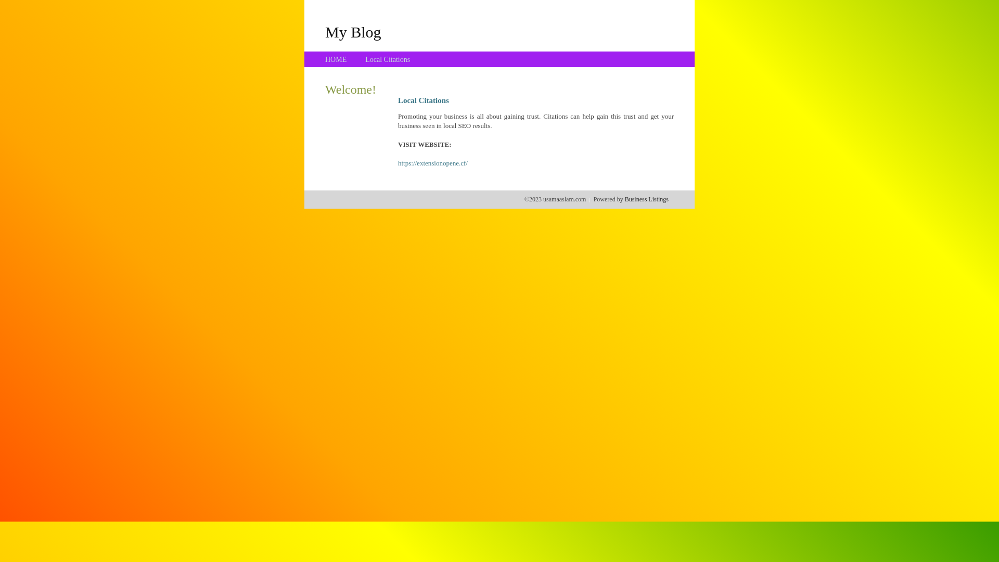  What do you see at coordinates (353, 31) in the screenshot?
I see `'My Blog'` at bounding box center [353, 31].